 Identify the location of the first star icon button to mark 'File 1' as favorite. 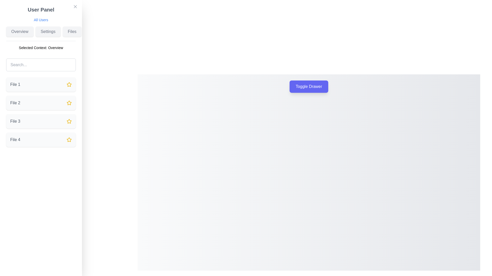
(69, 84).